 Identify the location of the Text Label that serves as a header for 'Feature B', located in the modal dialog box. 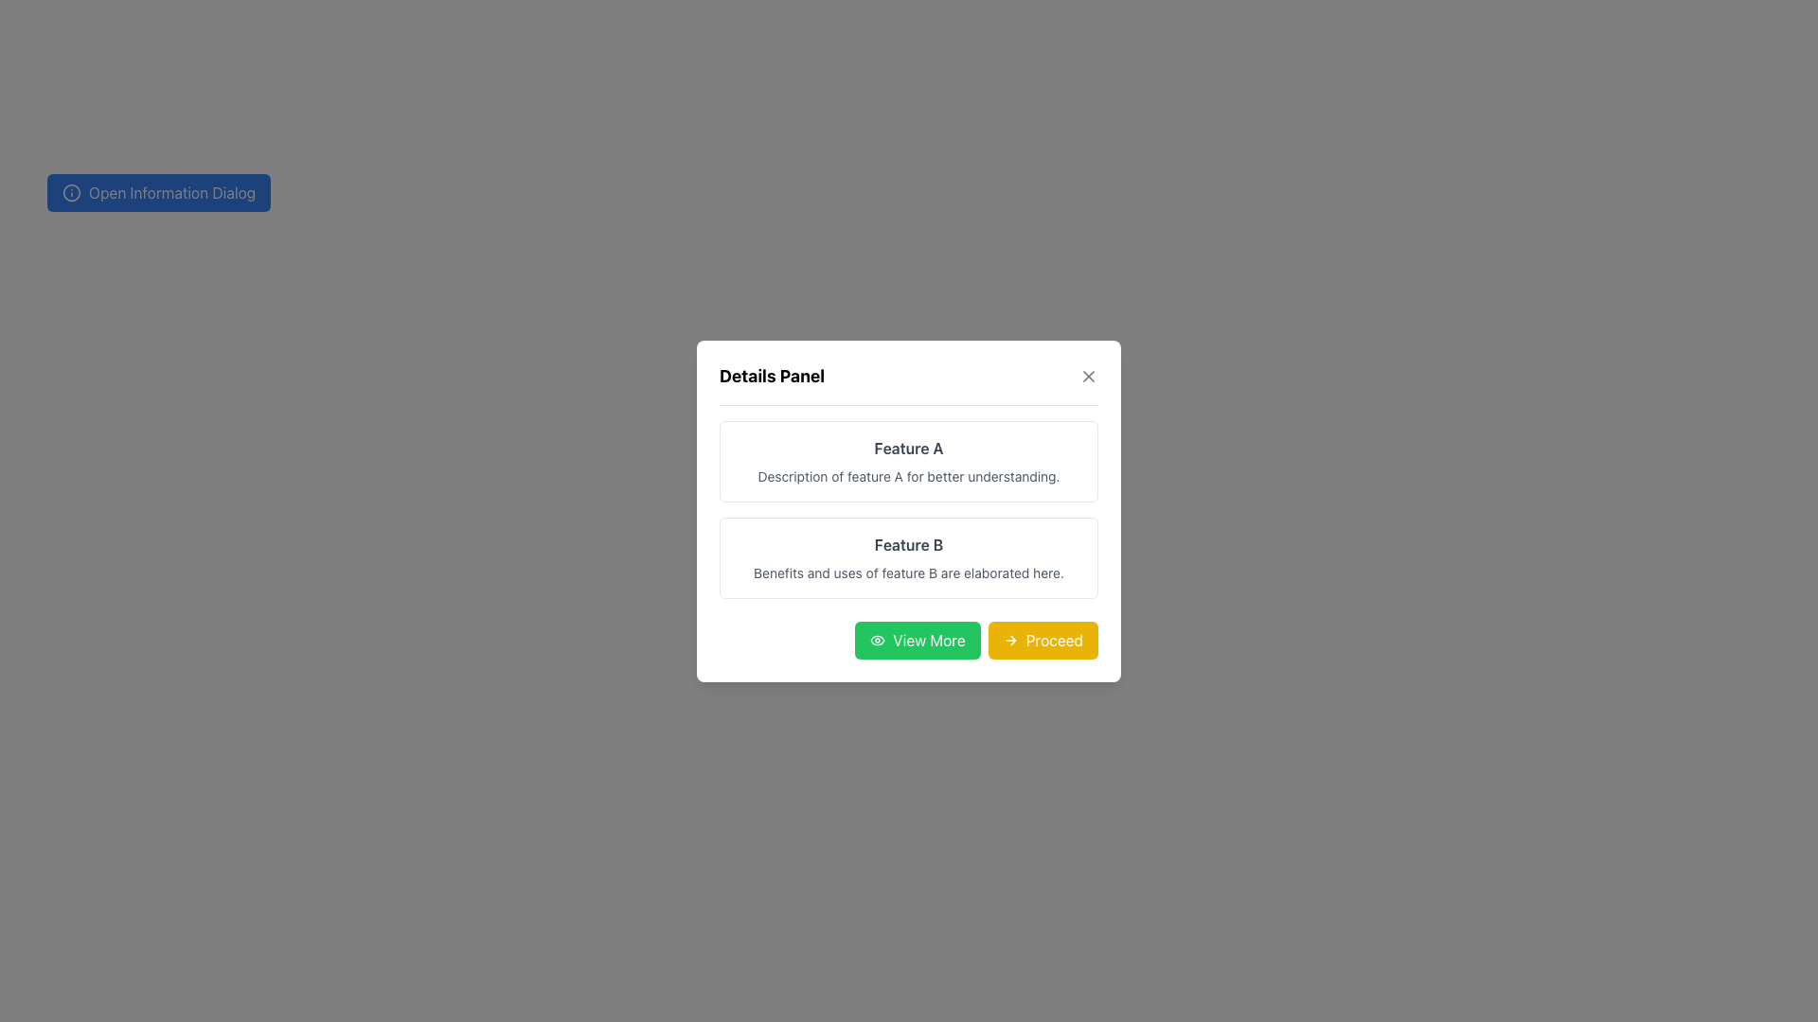
(909, 543).